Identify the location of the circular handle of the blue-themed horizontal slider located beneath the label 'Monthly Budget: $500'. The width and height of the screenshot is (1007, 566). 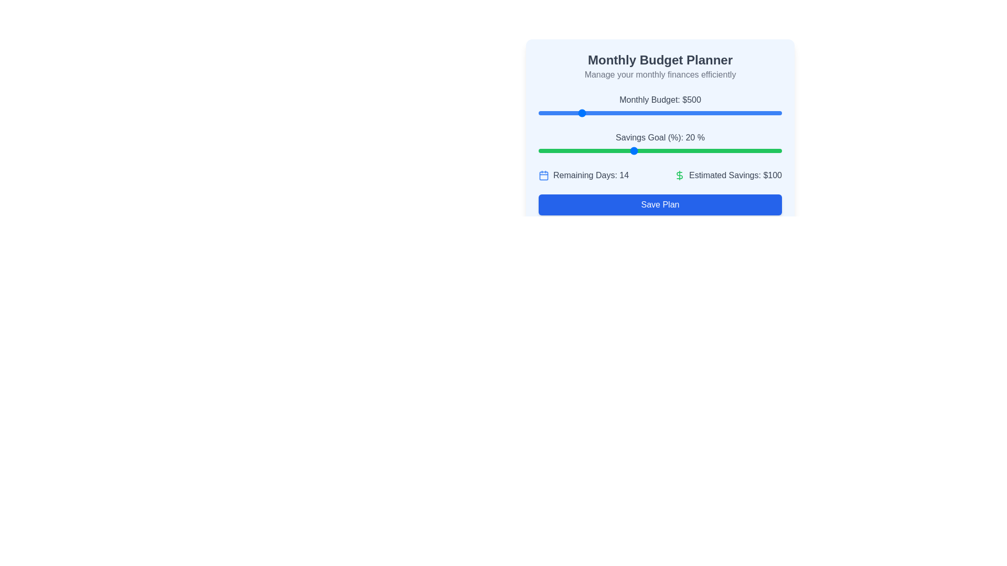
(659, 113).